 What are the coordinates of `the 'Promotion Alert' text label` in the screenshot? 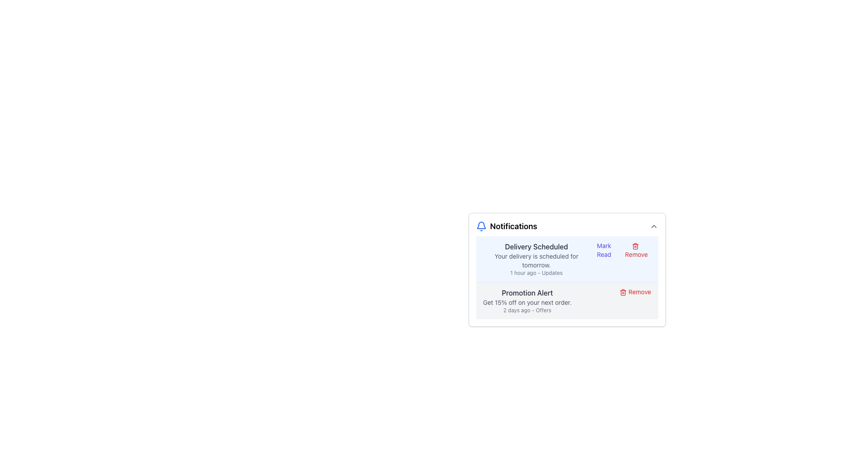 It's located at (527, 293).